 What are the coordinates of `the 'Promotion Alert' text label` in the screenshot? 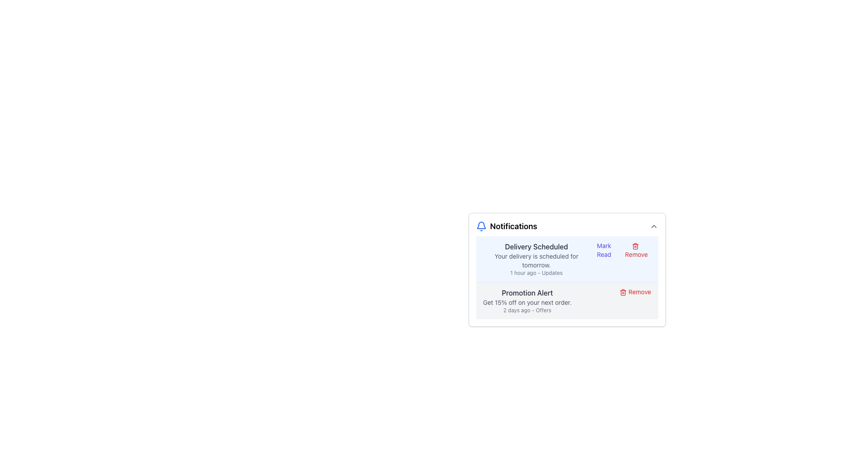 It's located at (527, 293).